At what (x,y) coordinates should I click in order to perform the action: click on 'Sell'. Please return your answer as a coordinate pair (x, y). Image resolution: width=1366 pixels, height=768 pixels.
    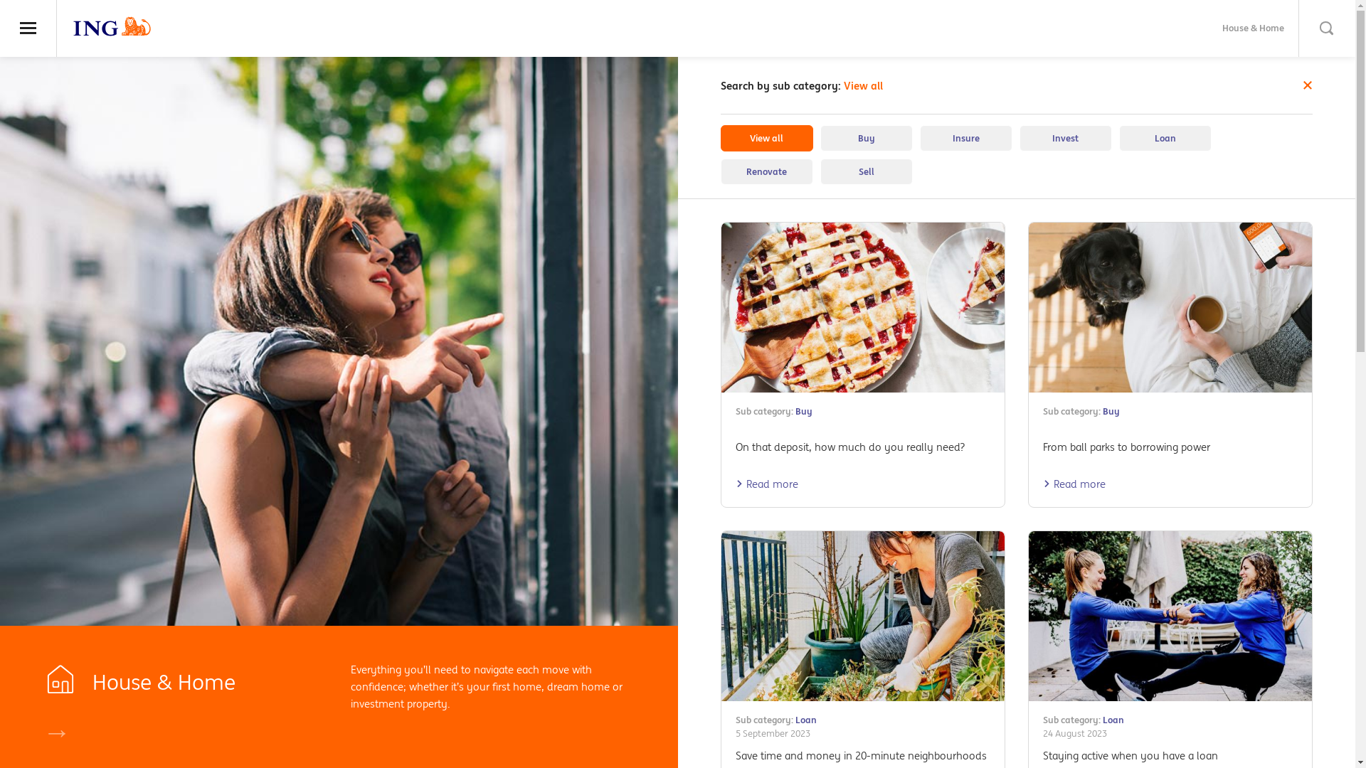
    Looking at the image, I should click on (820, 171).